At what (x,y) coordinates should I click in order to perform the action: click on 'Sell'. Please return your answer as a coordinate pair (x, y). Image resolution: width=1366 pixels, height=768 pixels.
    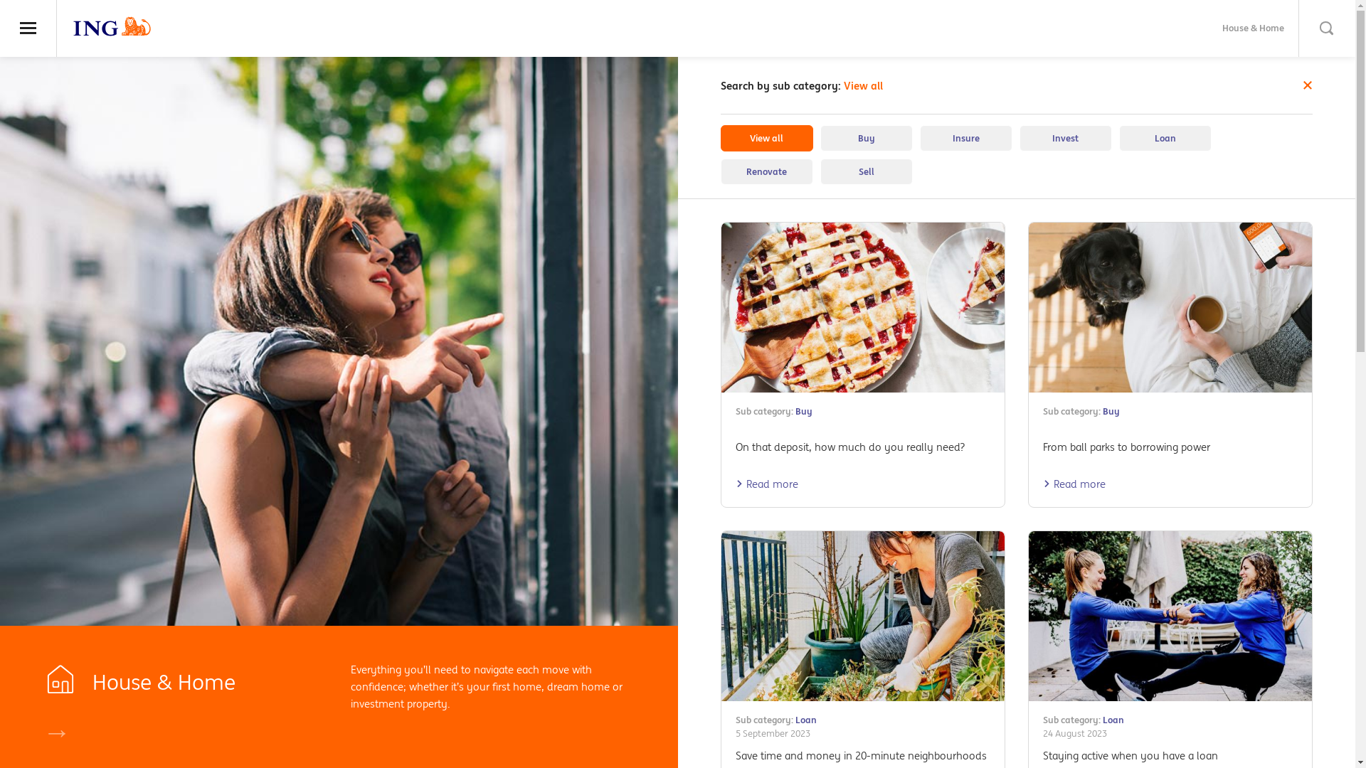
    Looking at the image, I should click on (820, 171).